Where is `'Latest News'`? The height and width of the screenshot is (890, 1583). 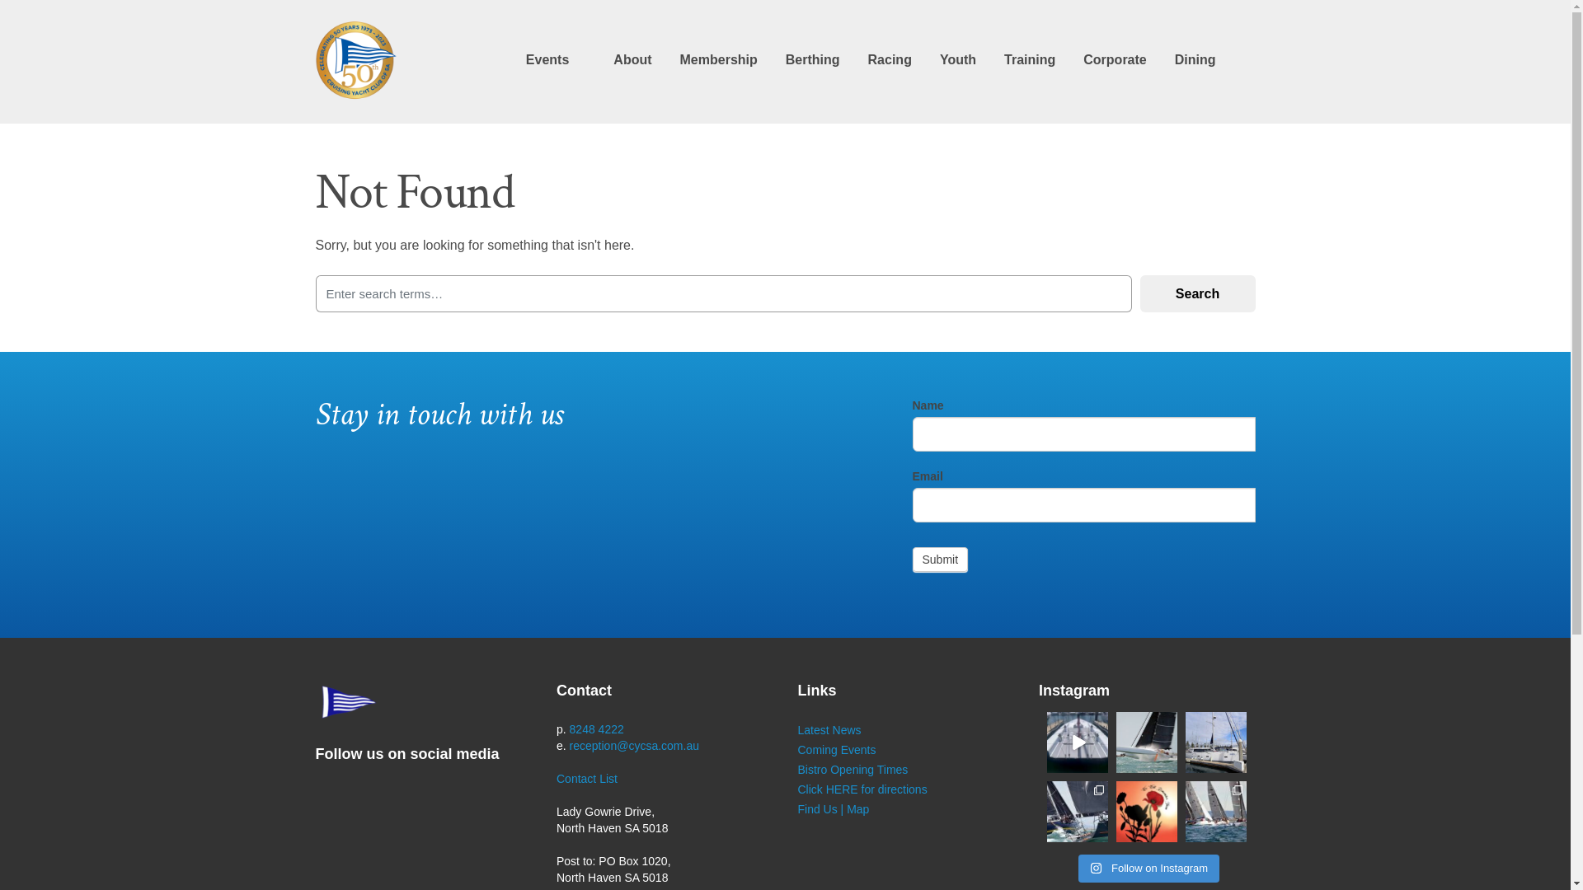
'Latest News' is located at coordinates (829, 729).